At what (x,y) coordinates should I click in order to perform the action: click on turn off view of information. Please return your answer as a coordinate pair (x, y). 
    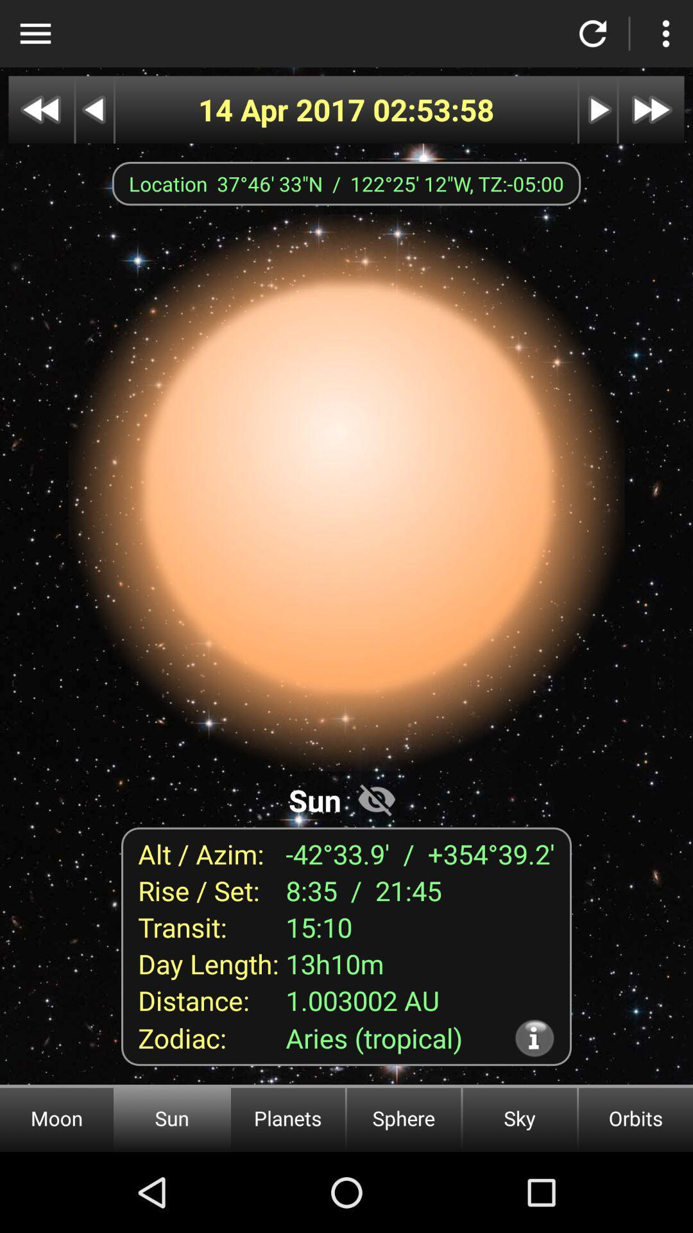
    Looking at the image, I should click on (376, 798).